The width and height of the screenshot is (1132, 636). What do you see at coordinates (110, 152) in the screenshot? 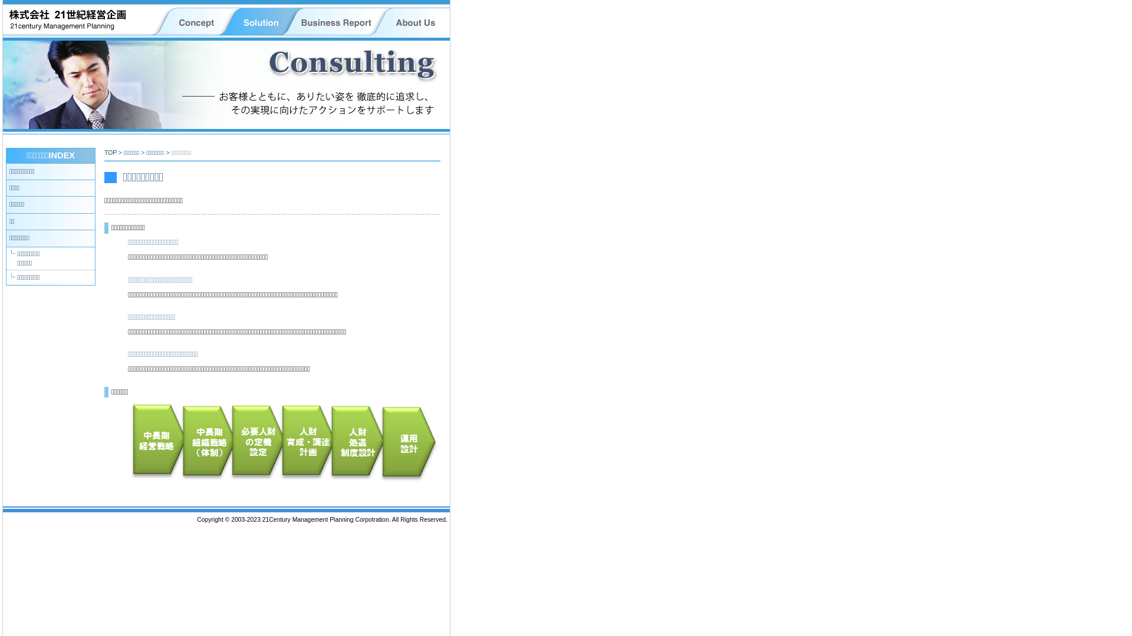
I see `'TOP'` at bounding box center [110, 152].